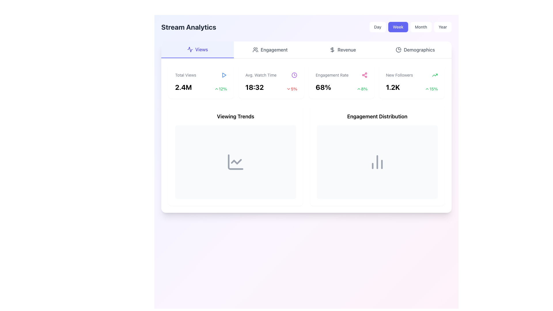  Describe the element at coordinates (421, 27) in the screenshot. I see `the 'Month' button in the analytics dashboard` at that location.